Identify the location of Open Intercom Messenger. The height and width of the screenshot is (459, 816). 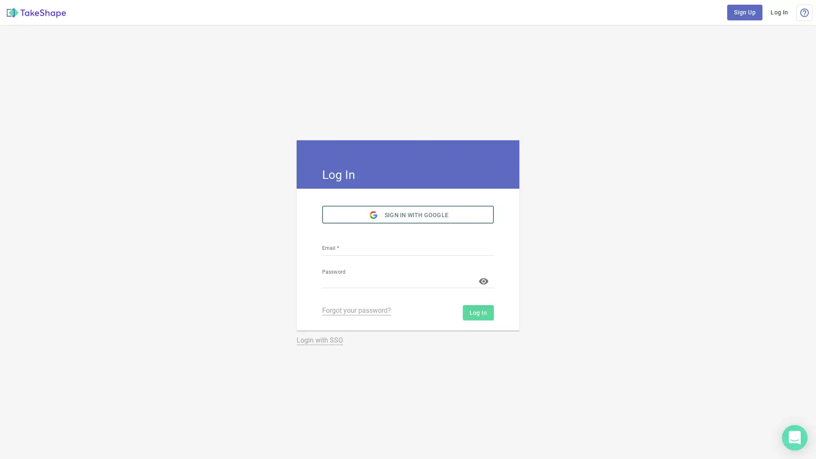
(794, 437).